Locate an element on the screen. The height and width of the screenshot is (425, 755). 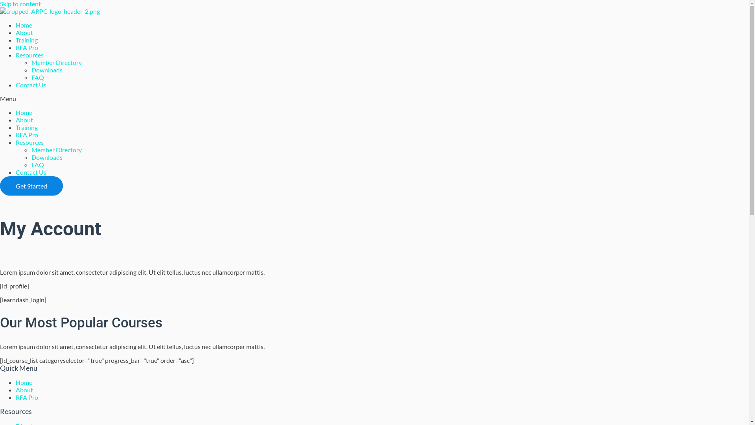
'RFA Pro' is located at coordinates (27, 134).